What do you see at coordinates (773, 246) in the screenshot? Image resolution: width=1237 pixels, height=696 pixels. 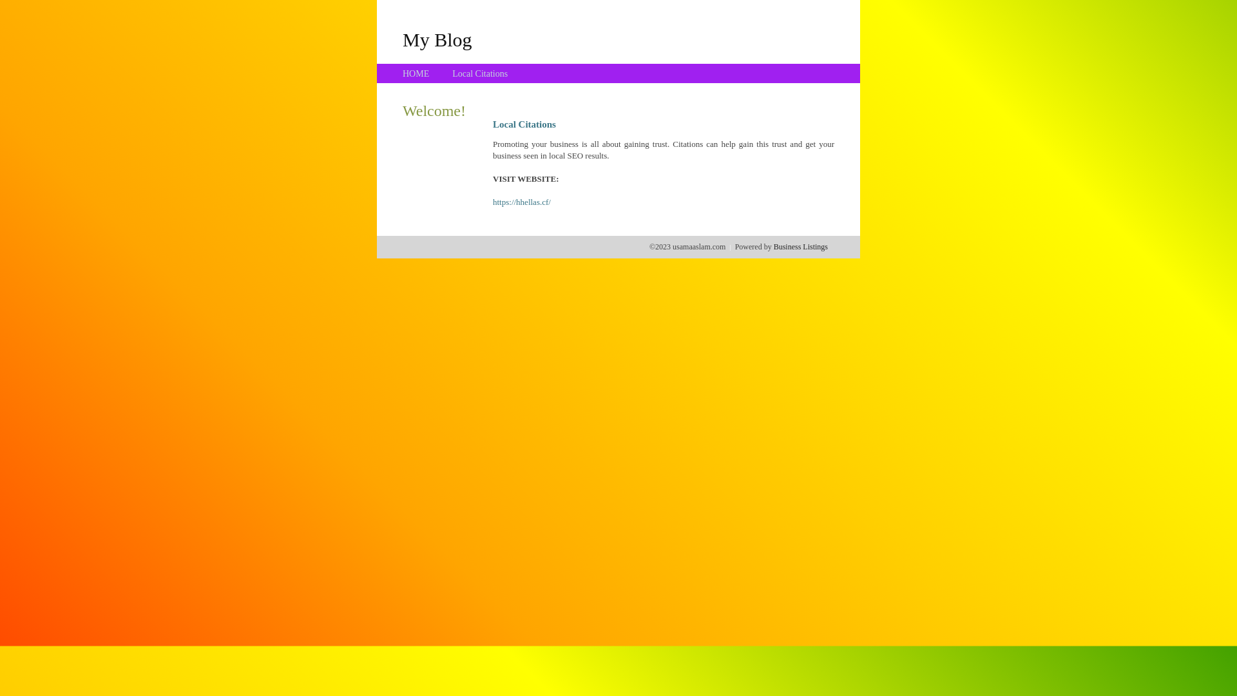 I see `'Business Listings'` at bounding box center [773, 246].